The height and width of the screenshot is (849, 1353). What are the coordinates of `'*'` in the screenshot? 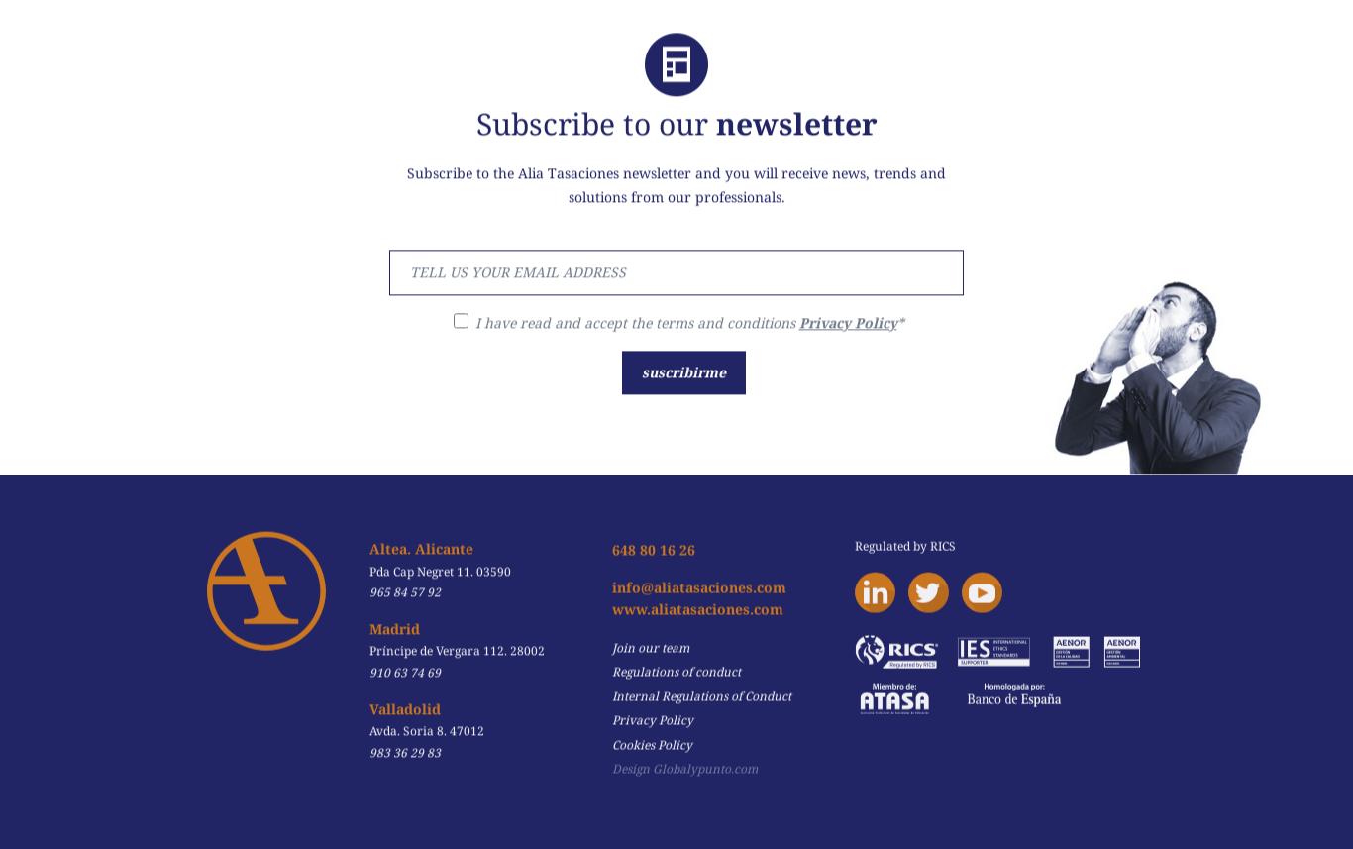 It's located at (894, 323).